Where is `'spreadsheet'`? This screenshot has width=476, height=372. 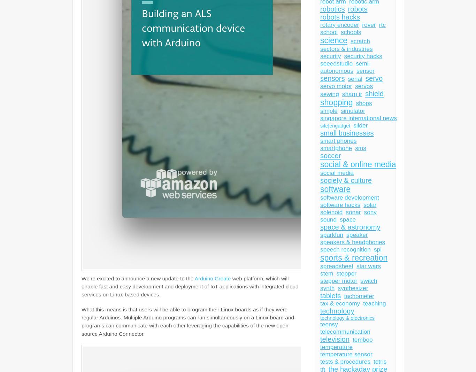 'spreadsheet' is located at coordinates (337, 266).